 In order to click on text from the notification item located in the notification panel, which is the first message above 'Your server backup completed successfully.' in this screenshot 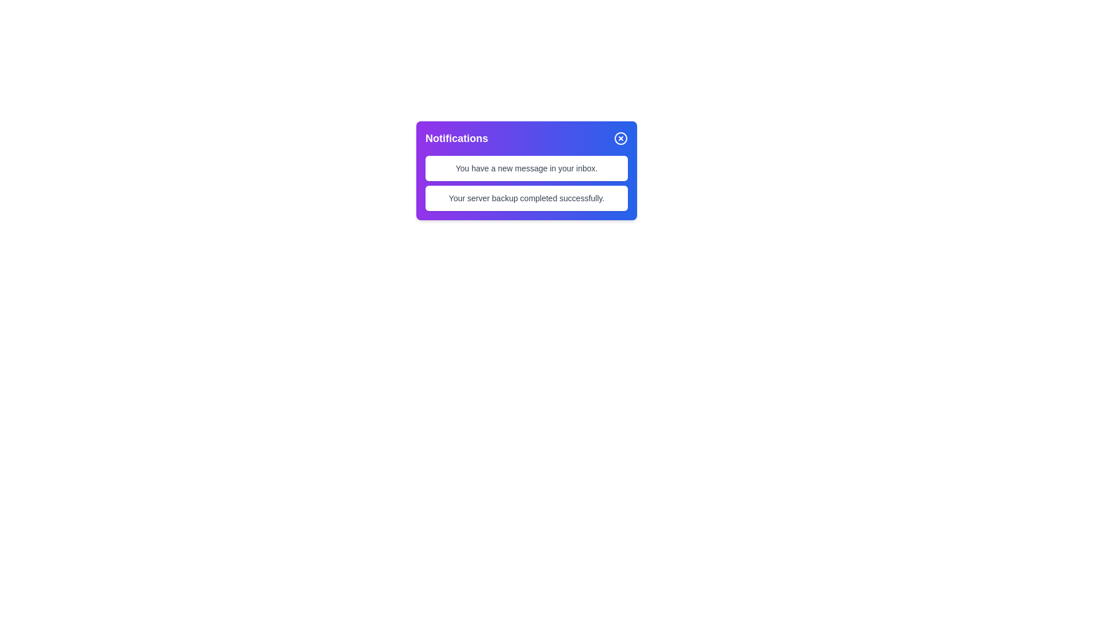, I will do `click(526, 168)`.